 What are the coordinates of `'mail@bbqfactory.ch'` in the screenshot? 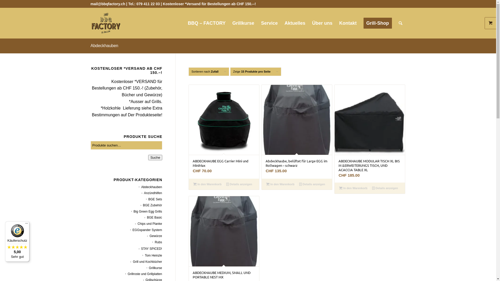 It's located at (108, 4).